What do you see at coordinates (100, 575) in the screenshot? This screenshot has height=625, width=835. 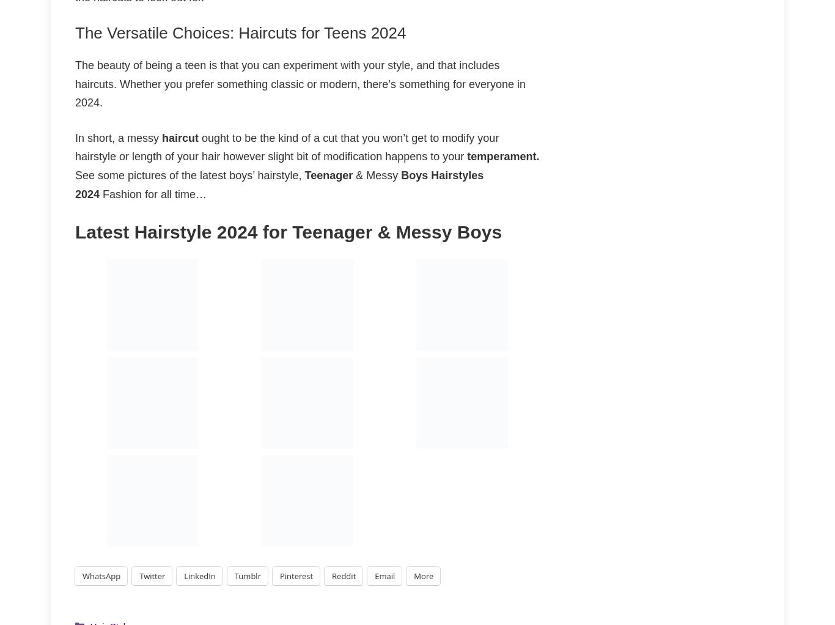 I see `'WhatsApp'` at bounding box center [100, 575].